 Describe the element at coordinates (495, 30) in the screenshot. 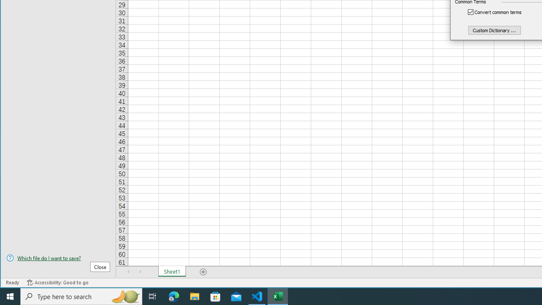

I see `'Custom Dictionary ...'` at that location.